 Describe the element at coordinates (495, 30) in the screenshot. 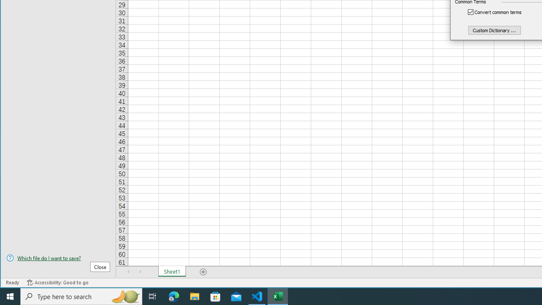

I see `'Custom Dictionary ...'` at that location.